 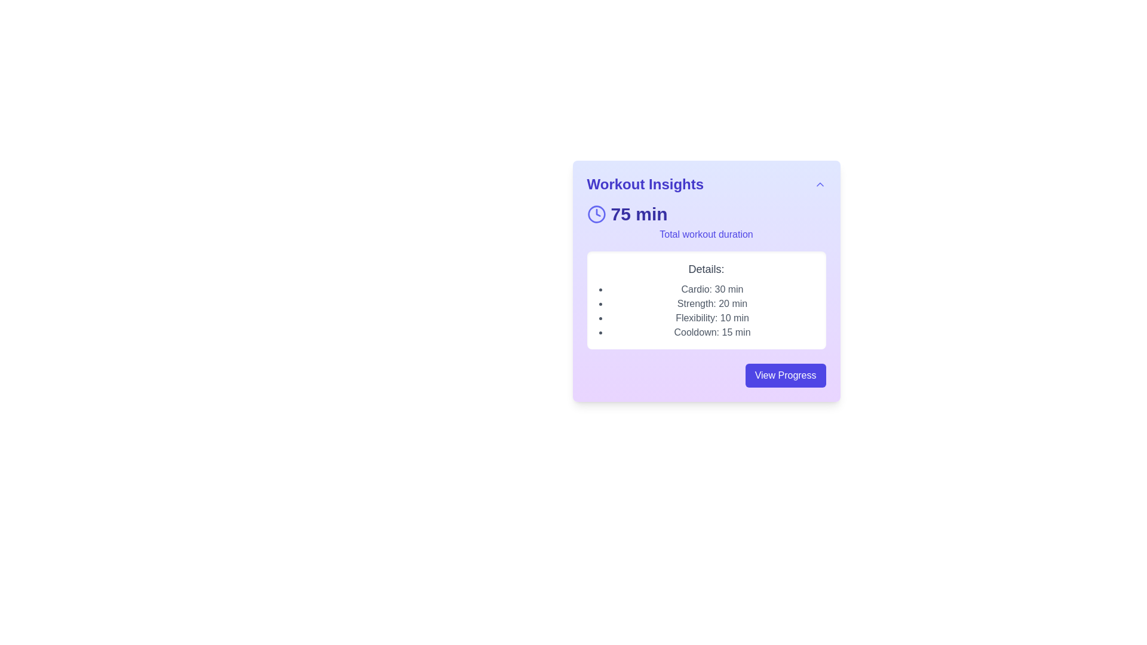 I want to click on the 'View Progress' button located at the bottom-right corner of the 'Workout Insights' card, so click(x=786, y=374).